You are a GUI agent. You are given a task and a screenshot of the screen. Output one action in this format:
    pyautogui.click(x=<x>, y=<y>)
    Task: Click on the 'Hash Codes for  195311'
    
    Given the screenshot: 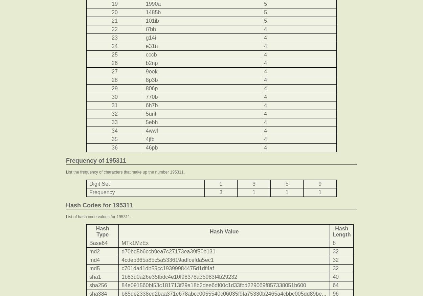 What is the action you would take?
    pyautogui.click(x=99, y=205)
    